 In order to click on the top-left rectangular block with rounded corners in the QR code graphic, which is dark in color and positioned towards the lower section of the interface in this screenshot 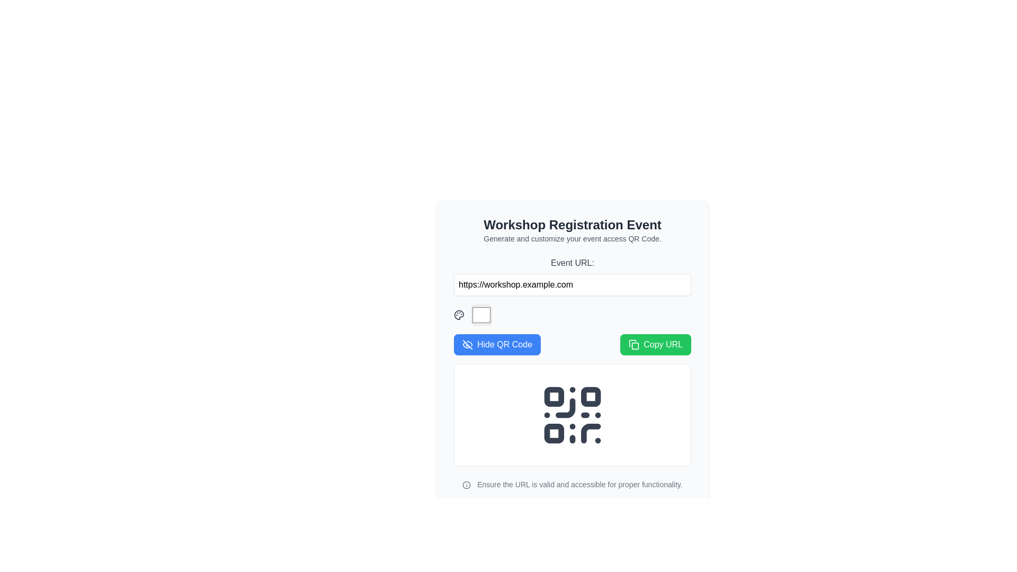, I will do `click(554, 397)`.